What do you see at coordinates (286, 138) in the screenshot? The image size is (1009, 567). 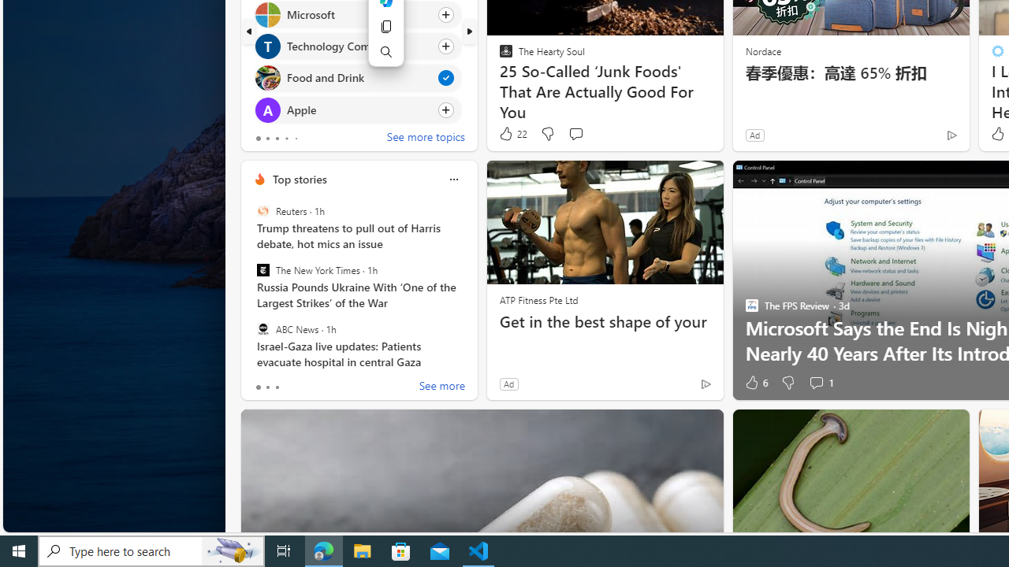 I see `'tab-3'` at bounding box center [286, 138].